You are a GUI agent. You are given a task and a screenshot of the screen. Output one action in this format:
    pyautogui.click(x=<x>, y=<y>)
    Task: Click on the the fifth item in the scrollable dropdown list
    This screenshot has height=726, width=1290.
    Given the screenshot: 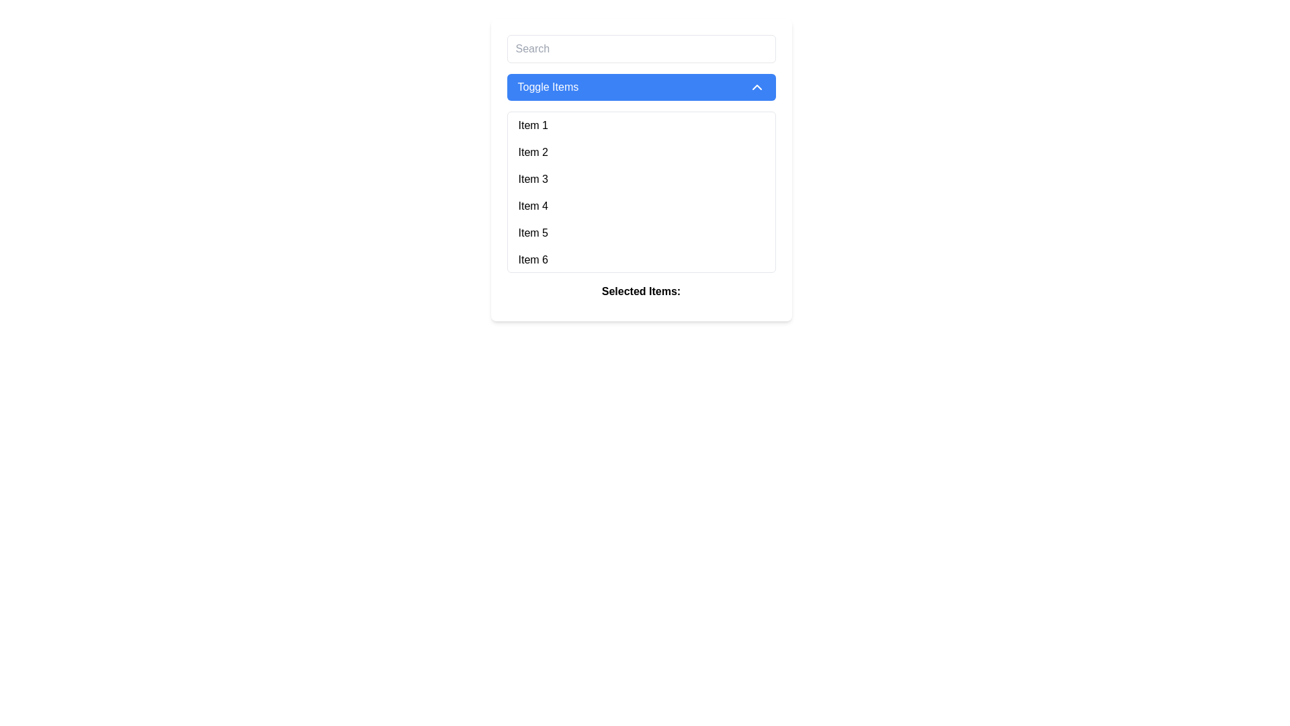 What is the action you would take?
    pyautogui.click(x=640, y=233)
    